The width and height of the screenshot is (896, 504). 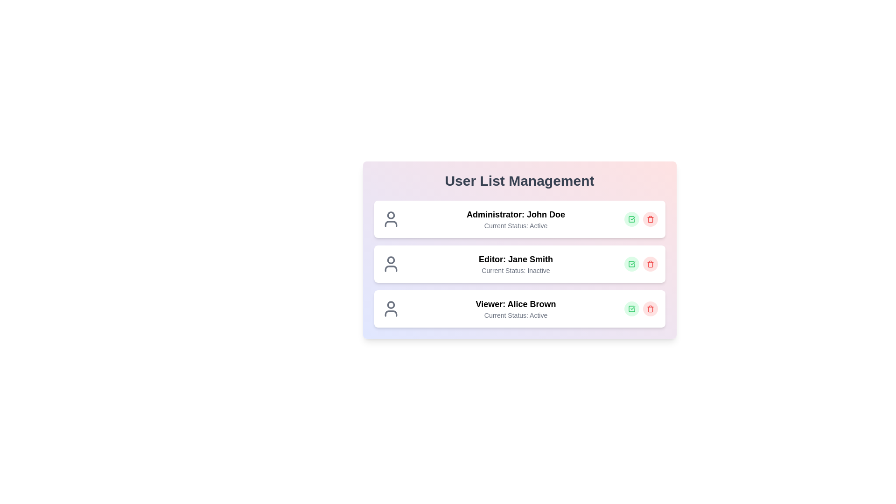 What do you see at coordinates (391, 264) in the screenshot?
I see `the User Profile Icon representing 'Jane Smith', which indicates the Editor role, located at the top-left corner of the user entry` at bounding box center [391, 264].